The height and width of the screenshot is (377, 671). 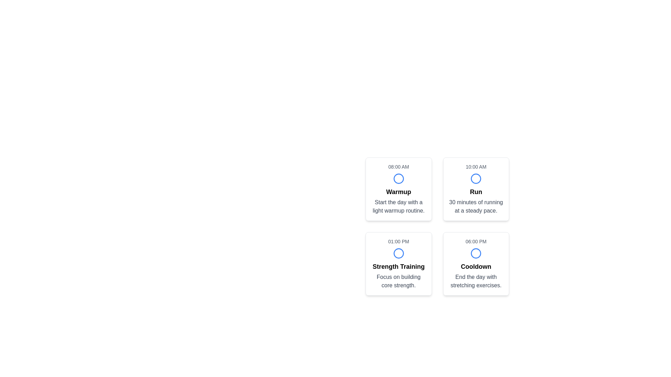 What do you see at coordinates (398, 167) in the screenshot?
I see `the timestamp text label located at the top of the 'Warmup' card, which indicates the starting time of the activity` at bounding box center [398, 167].